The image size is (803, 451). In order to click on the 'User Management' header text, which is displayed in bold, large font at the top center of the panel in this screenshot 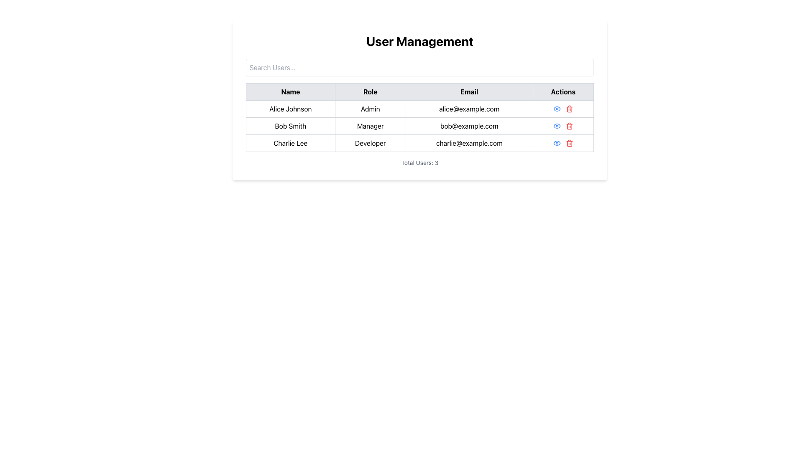, I will do `click(419, 41)`.